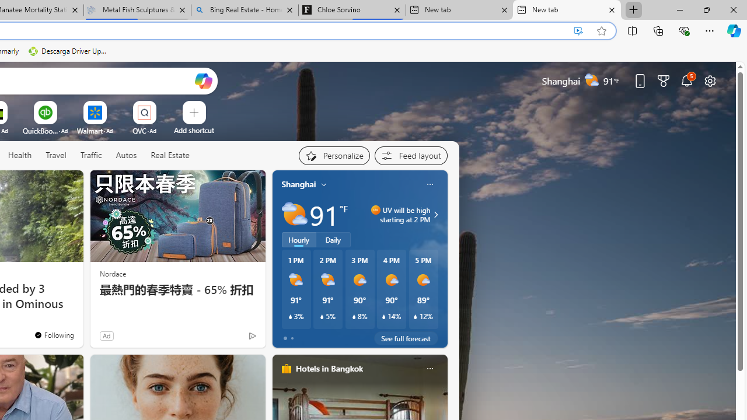 This screenshot has height=420, width=747. I want to click on 'tab-1', so click(292, 338).